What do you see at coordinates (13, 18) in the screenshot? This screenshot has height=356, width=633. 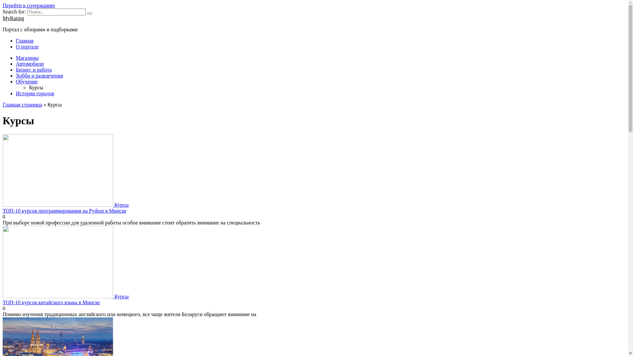 I see `'MyRating'` at bounding box center [13, 18].